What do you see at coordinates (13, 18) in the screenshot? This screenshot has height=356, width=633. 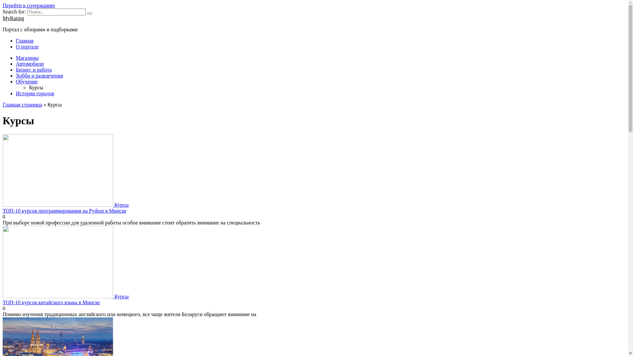 I see `'MyRating'` at bounding box center [13, 18].